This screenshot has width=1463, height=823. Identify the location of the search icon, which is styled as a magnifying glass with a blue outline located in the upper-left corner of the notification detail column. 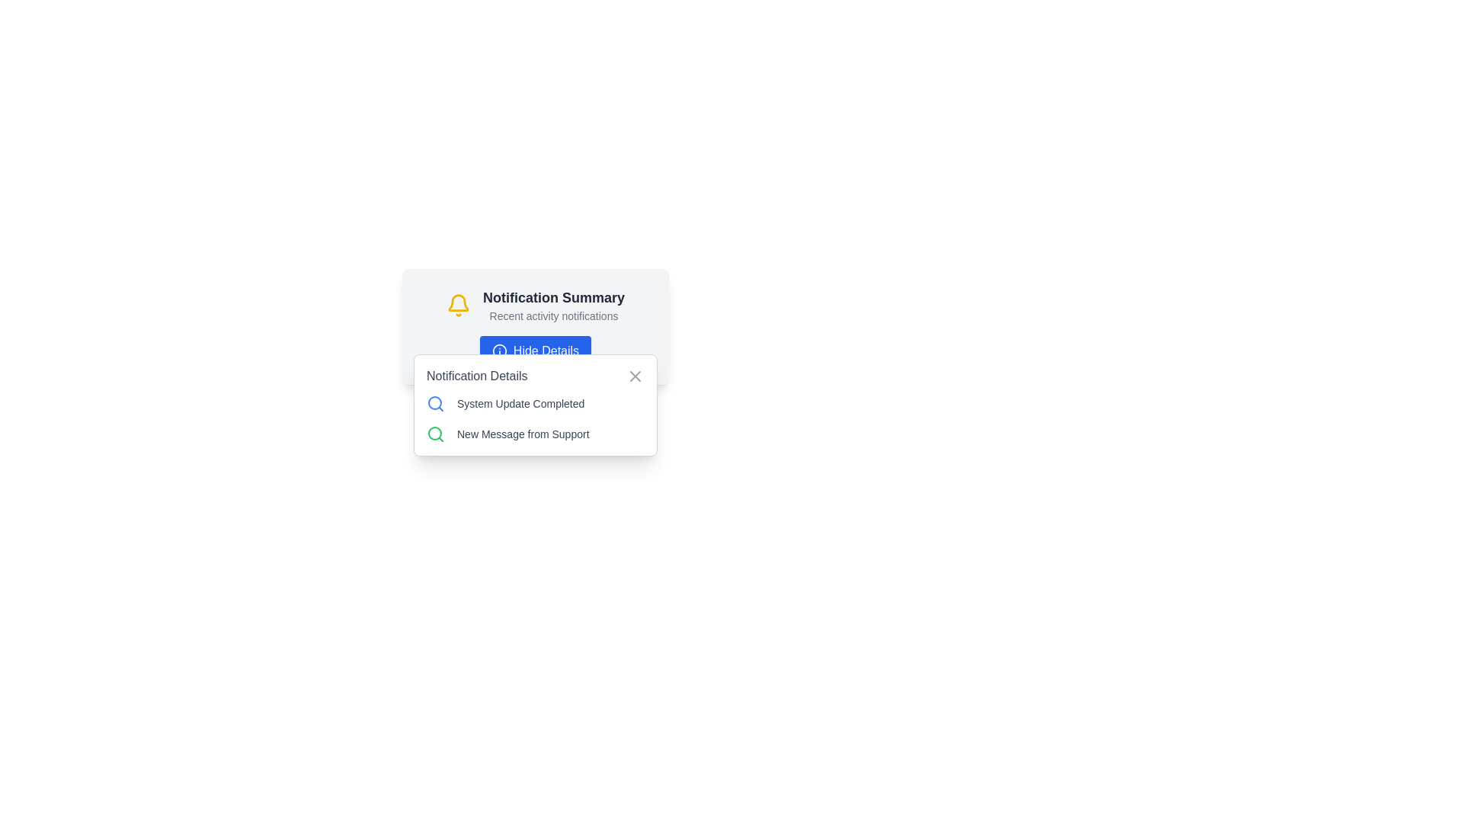
(434, 402).